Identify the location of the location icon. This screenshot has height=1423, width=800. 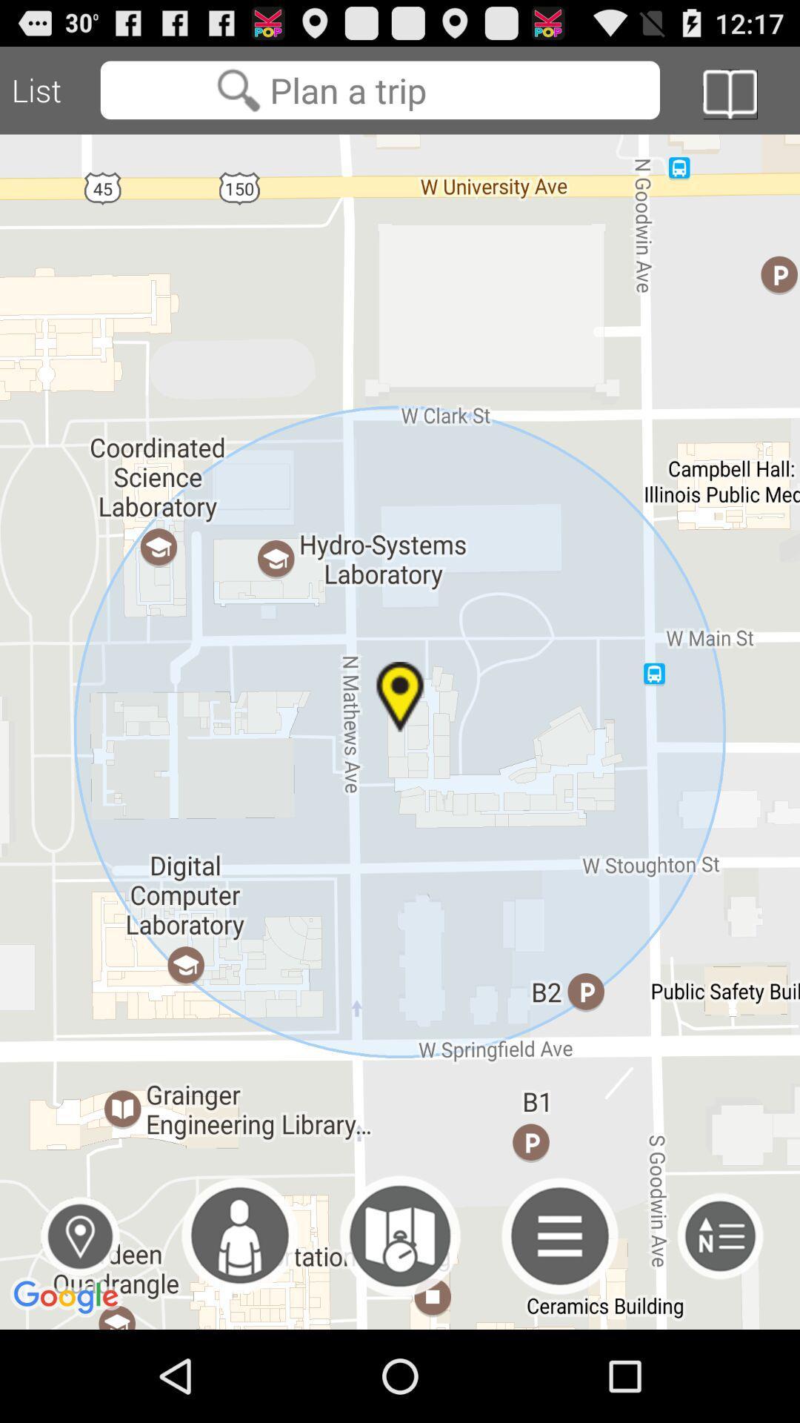
(80, 1323).